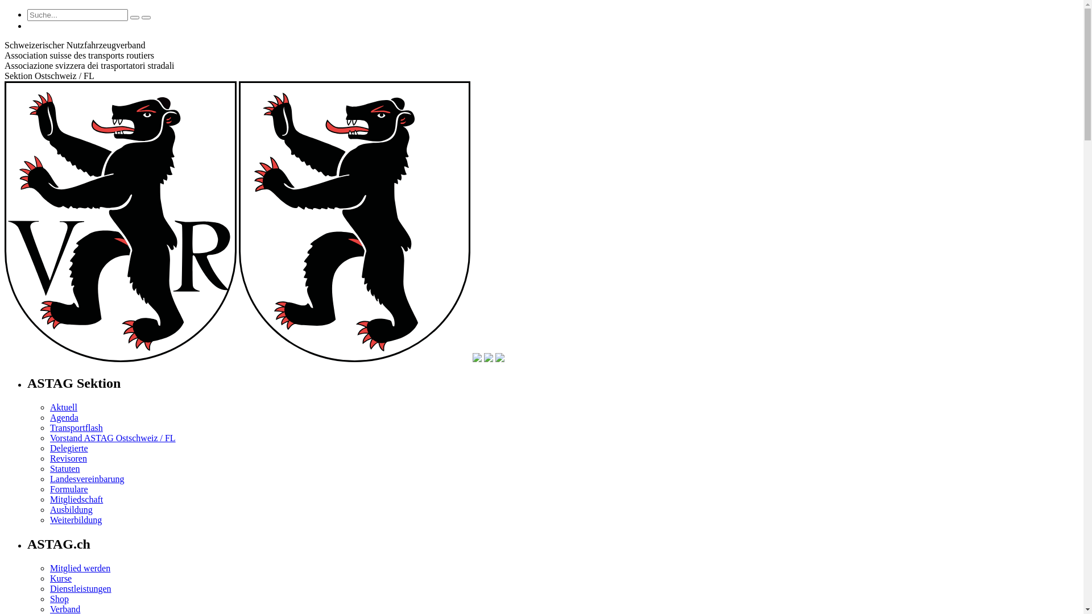  What do you see at coordinates (80, 588) in the screenshot?
I see `'Dienstleistungen'` at bounding box center [80, 588].